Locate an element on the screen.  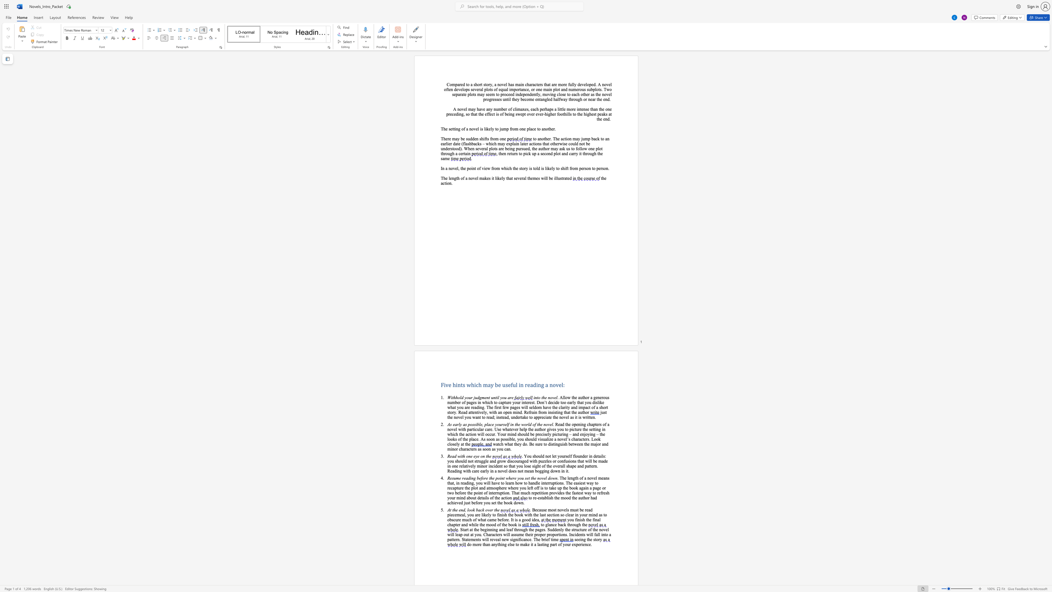
the subset text "r interes" within the text ". Allow the author a generous number of pages in which to capture your interest." is located at coordinates (518, 402).